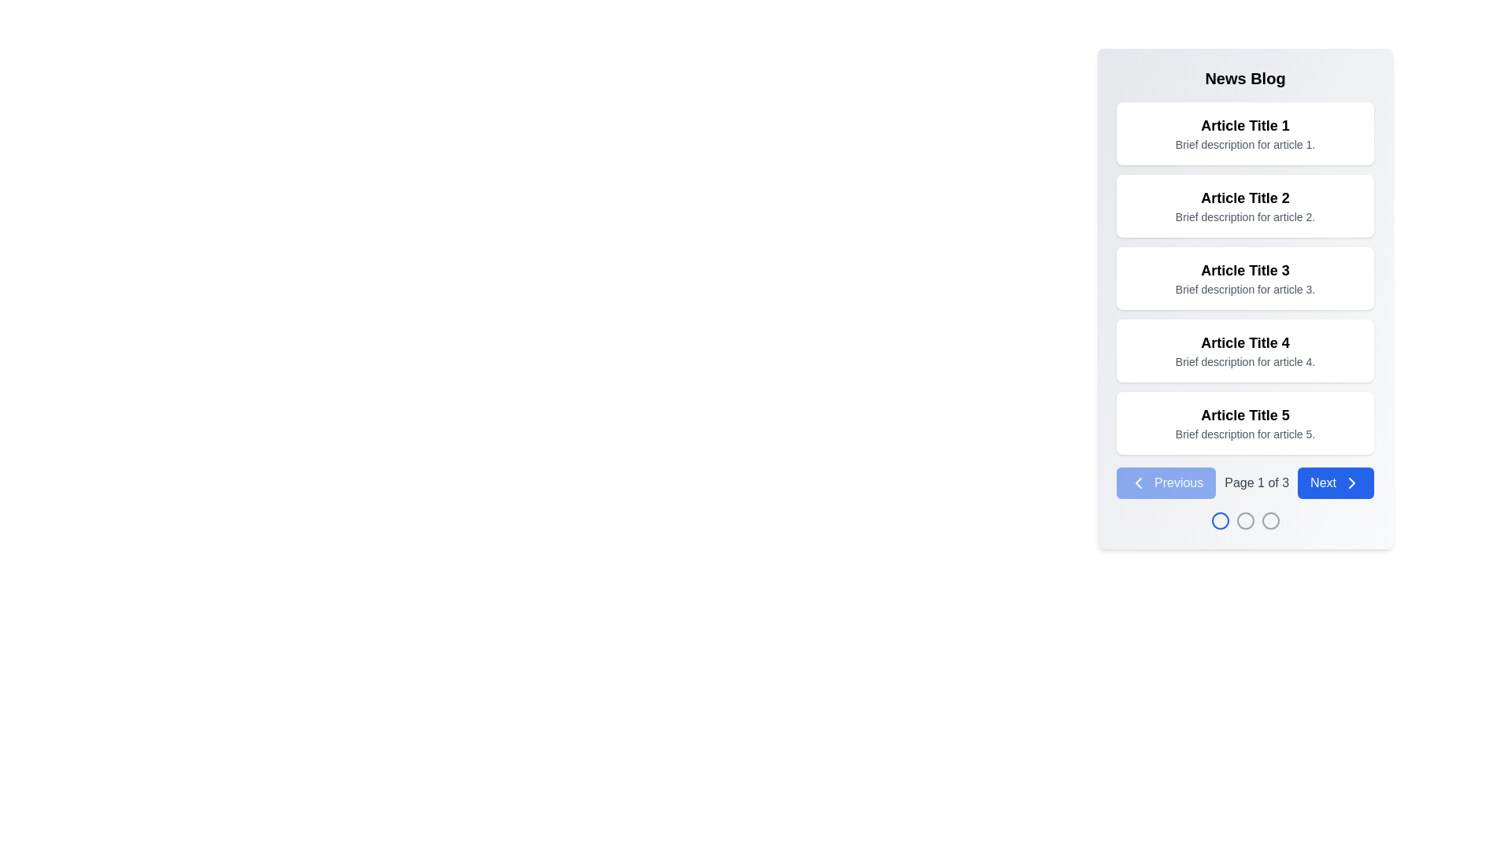 The width and height of the screenshot is (1512, 850). What do you see at coordinates (1244, 269) in the screenshot?
I see `the title component of the article, which is a Text Label located in the upper-middle region of the display, identified as the third element in a vertically stacked list` at bounding box center [1244, 269].